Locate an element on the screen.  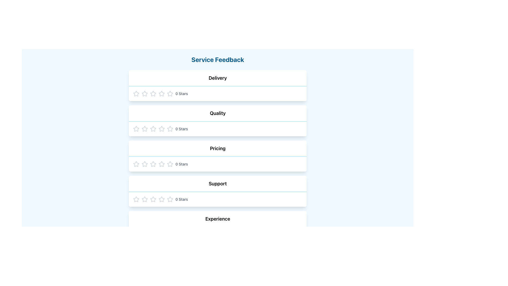
the second inactive Rating Star Icon in the Support row is located at coordinates (161, 199).